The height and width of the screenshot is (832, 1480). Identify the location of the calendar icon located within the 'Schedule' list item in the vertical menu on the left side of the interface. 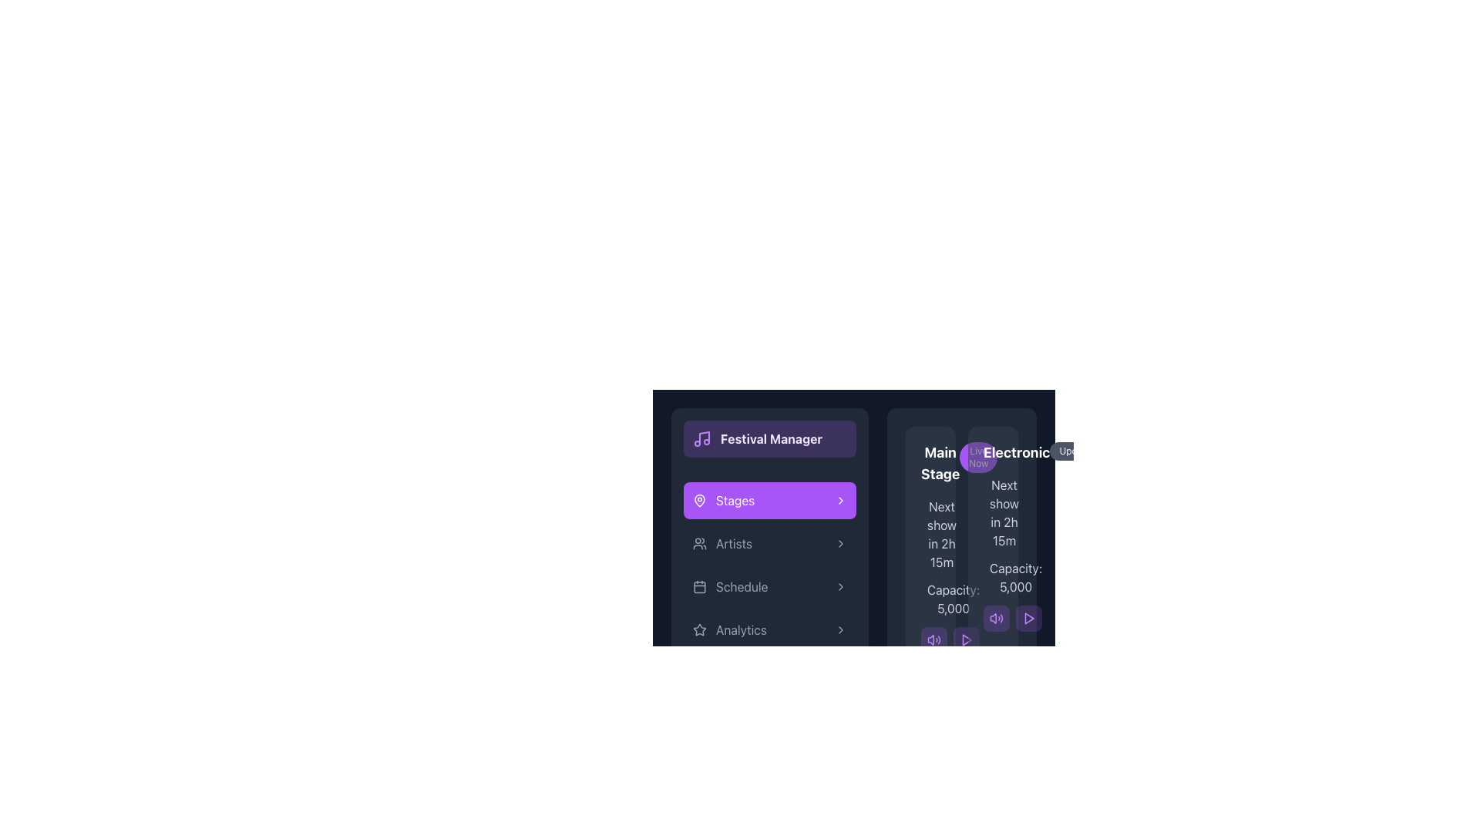
(698, 587).